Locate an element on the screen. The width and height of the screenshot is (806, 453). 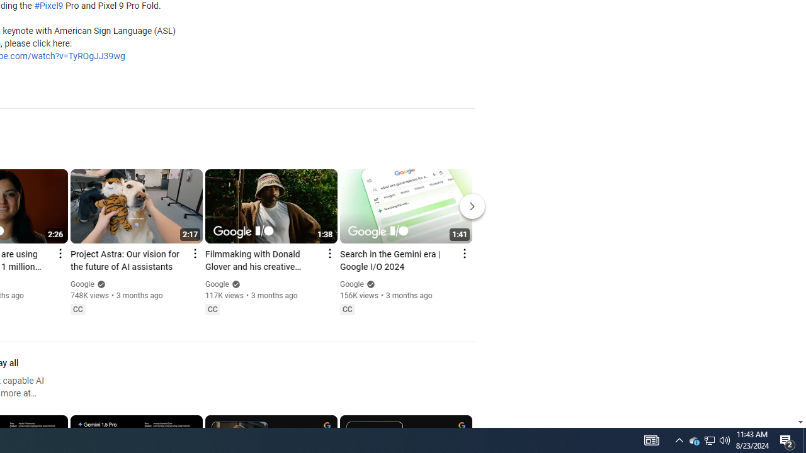
'#Pixel9' is located at coordinates (48, 6).